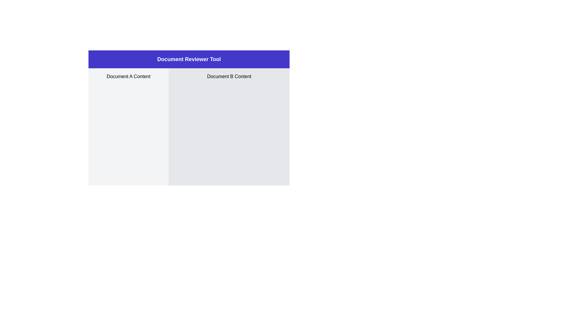  Describe the element at coordinates (189, 59) in the screenshot. I see `the top horizontal bar labeled 'Document Reviewer Tool' with a purple background containing bold white text` at that location.